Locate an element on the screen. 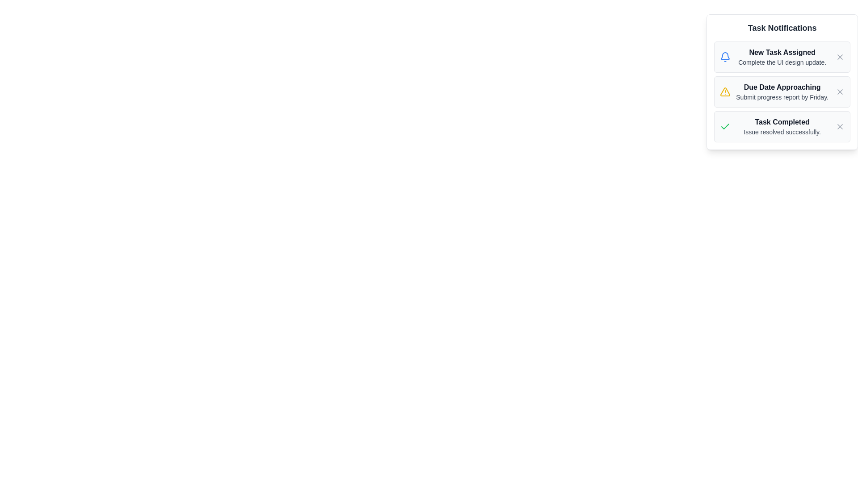 This screenshot has width=858, height=482. the close button represented by a Vector Graphic Line Segment located in the top-right corner of the task notification card is located at coordinates (840, 91).